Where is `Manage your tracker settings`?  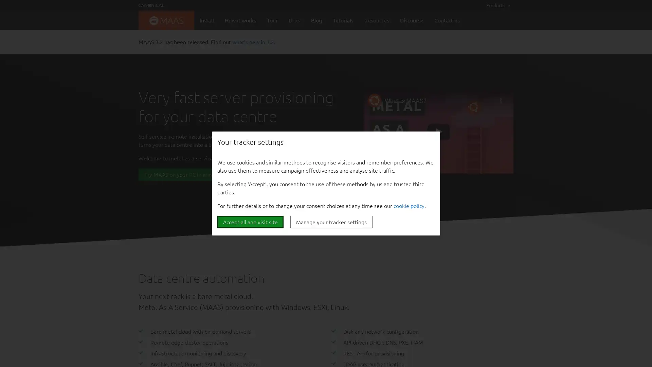
Manage your tracker settings is located at coordinates (331, 222).